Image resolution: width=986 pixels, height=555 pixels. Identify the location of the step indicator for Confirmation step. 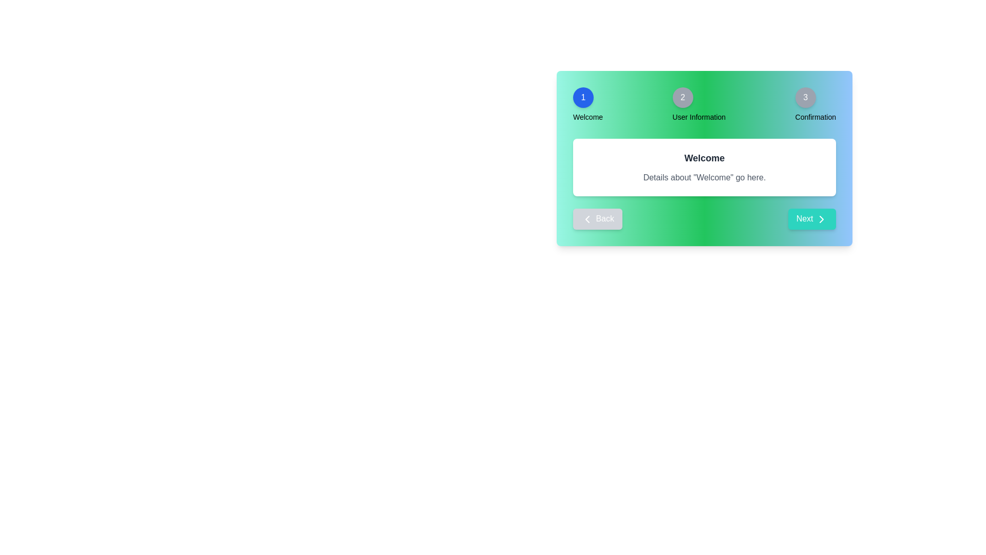
(805, 97).